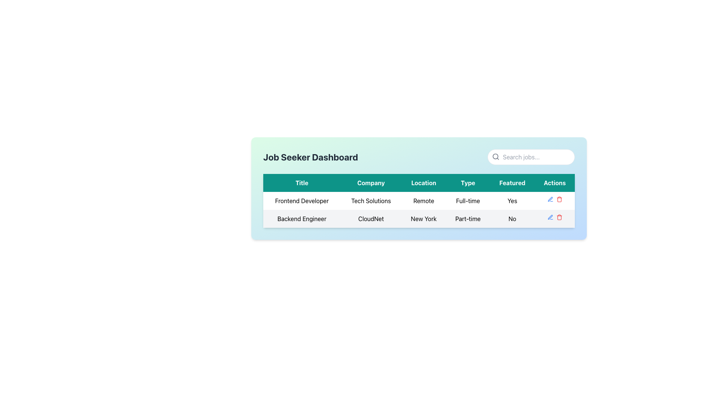 Image resolution: width=719 pixels, height=404 pixels. Describe the element at coordinates (371, 200) in the screenshot. I see `text content of the Table Cell displaying the company name in the job listing, located in the second column of the first row under the 'Company' header` at that location.